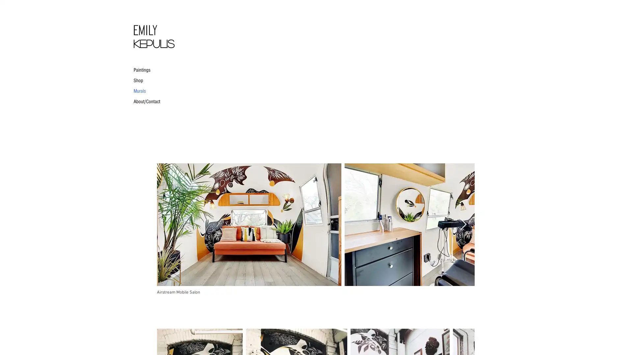 The width and height of the screenshot is (632, 355). Describe the element at coordinates (249, 224) in the screenshot. I see `IMG_0009.JPG` at that location.